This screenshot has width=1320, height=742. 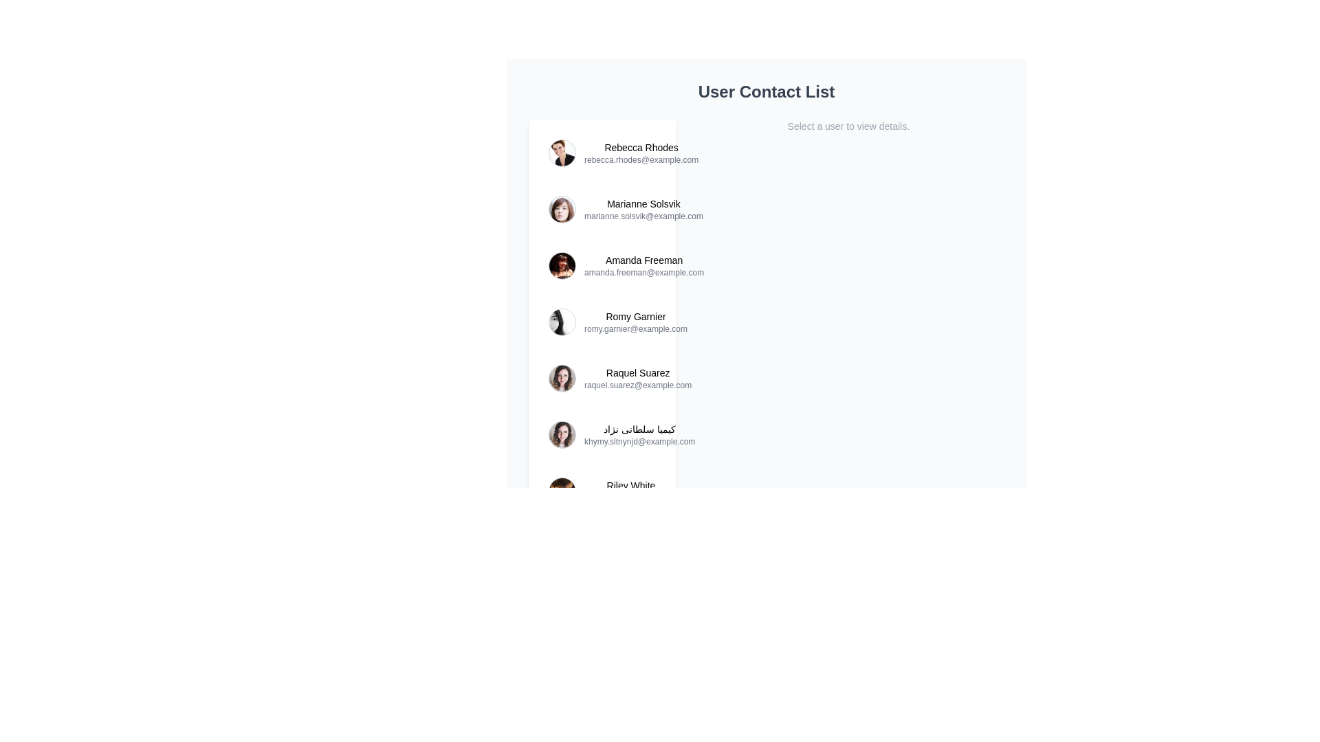 I want to click on the text label displaying the email address for the contact 'Raquel Suarez' in the User Contact List, which is located beneath the name 'Raquel Suarez.', so click(x=637, y=385).